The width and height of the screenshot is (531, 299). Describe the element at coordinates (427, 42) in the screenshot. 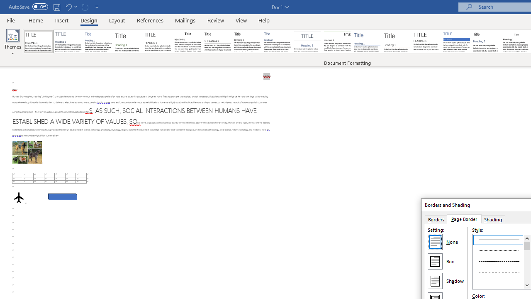

I see `'Minimalist'` at that location.